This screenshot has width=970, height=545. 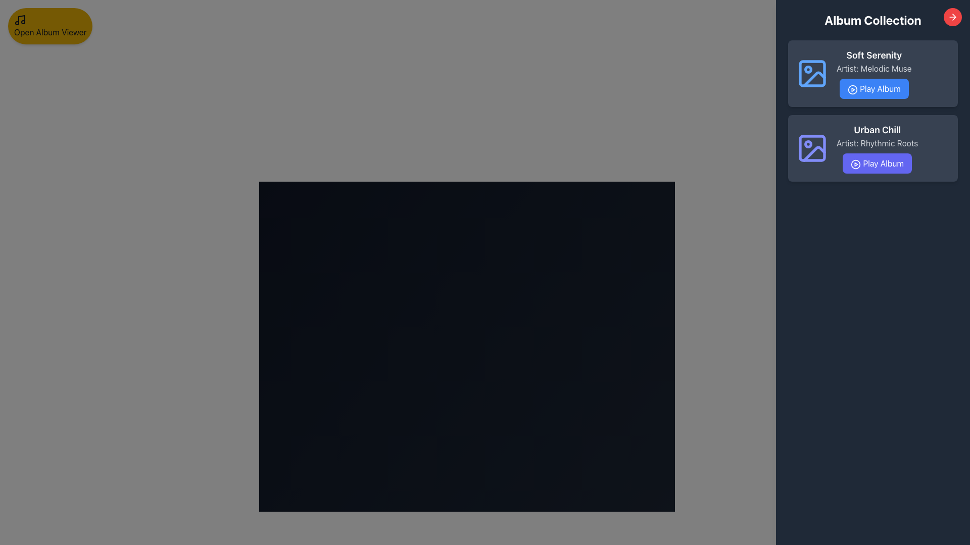 What do you see at coordinates (812, 148) in the screenshot?
I see `decorative SVG Rectangle representing a placeholder for the 'Urban Chill' album in the 'Album Collection' section by clicking on its center` at bounding box center [812, 148].